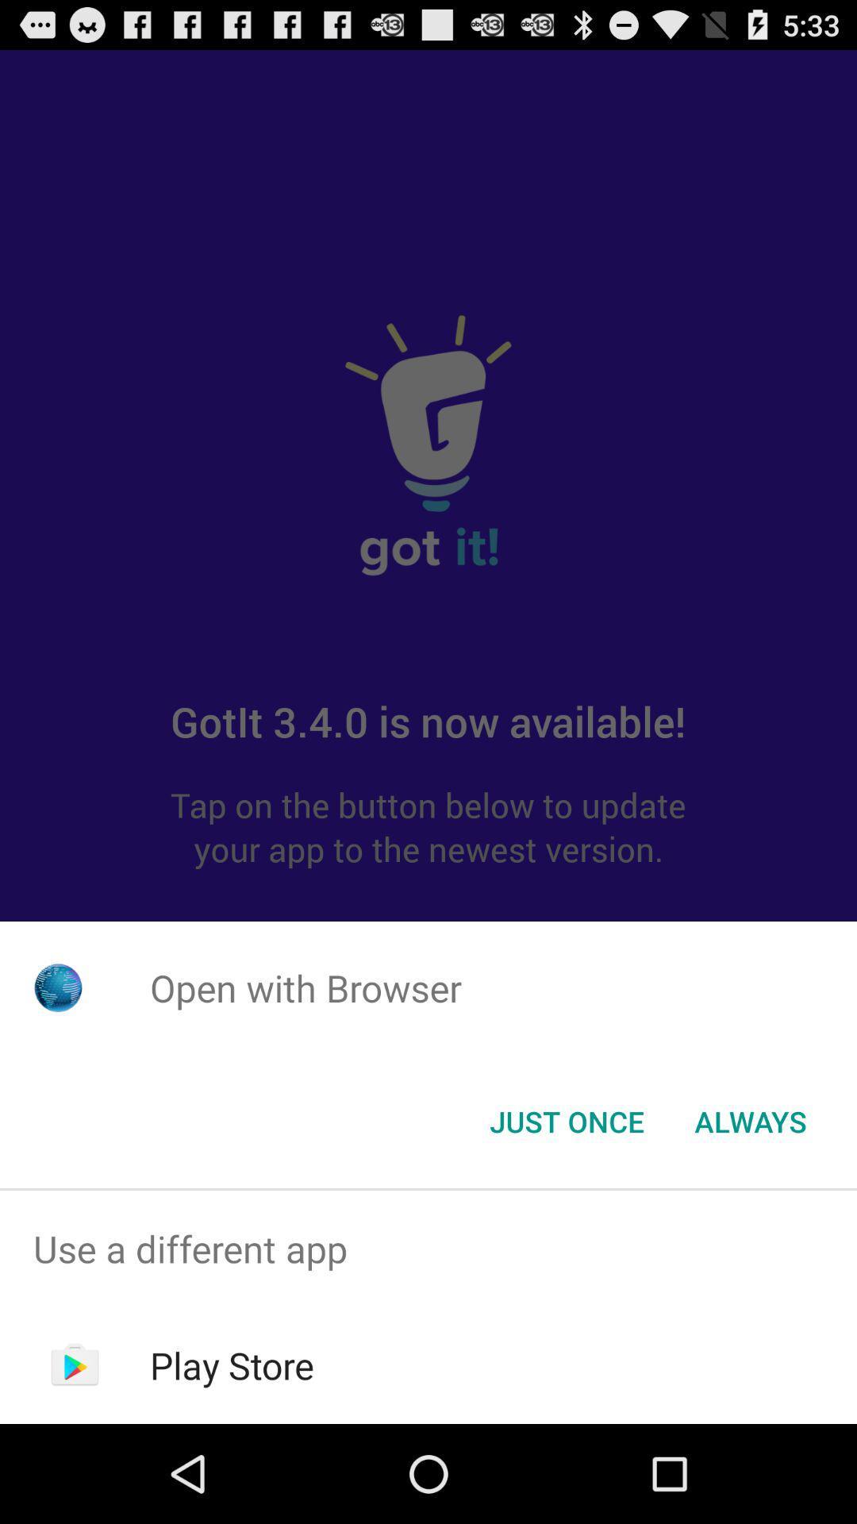 This screenshot has width=857, height=1524. I want to click on always icon, so click(750, 1120).